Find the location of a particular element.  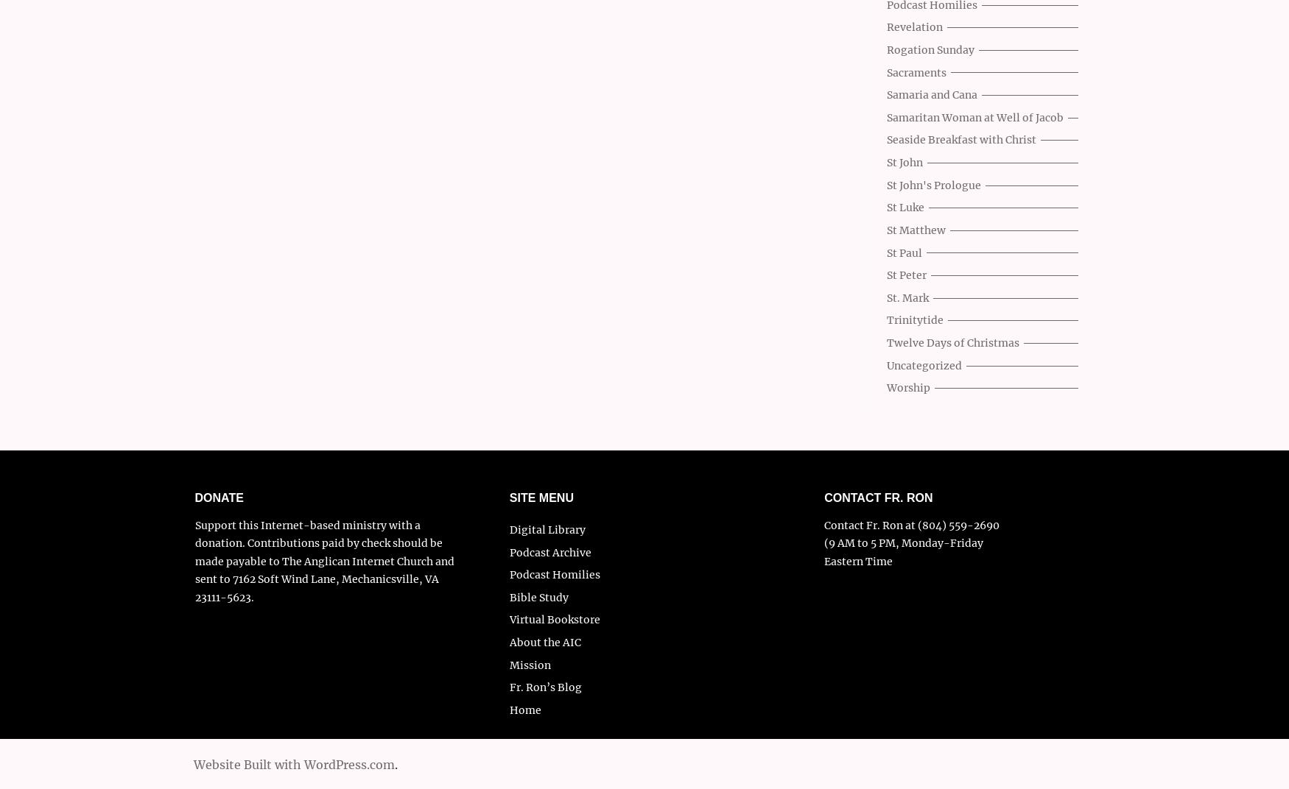

'Digital Library' is located at coordinates (509, 528).